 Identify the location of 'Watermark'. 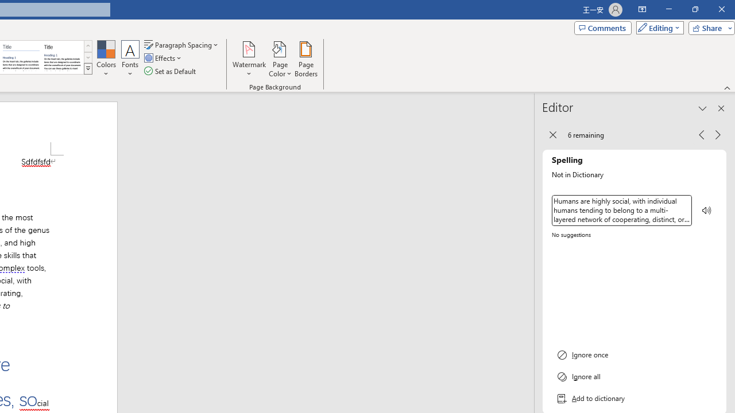
(249, 59).